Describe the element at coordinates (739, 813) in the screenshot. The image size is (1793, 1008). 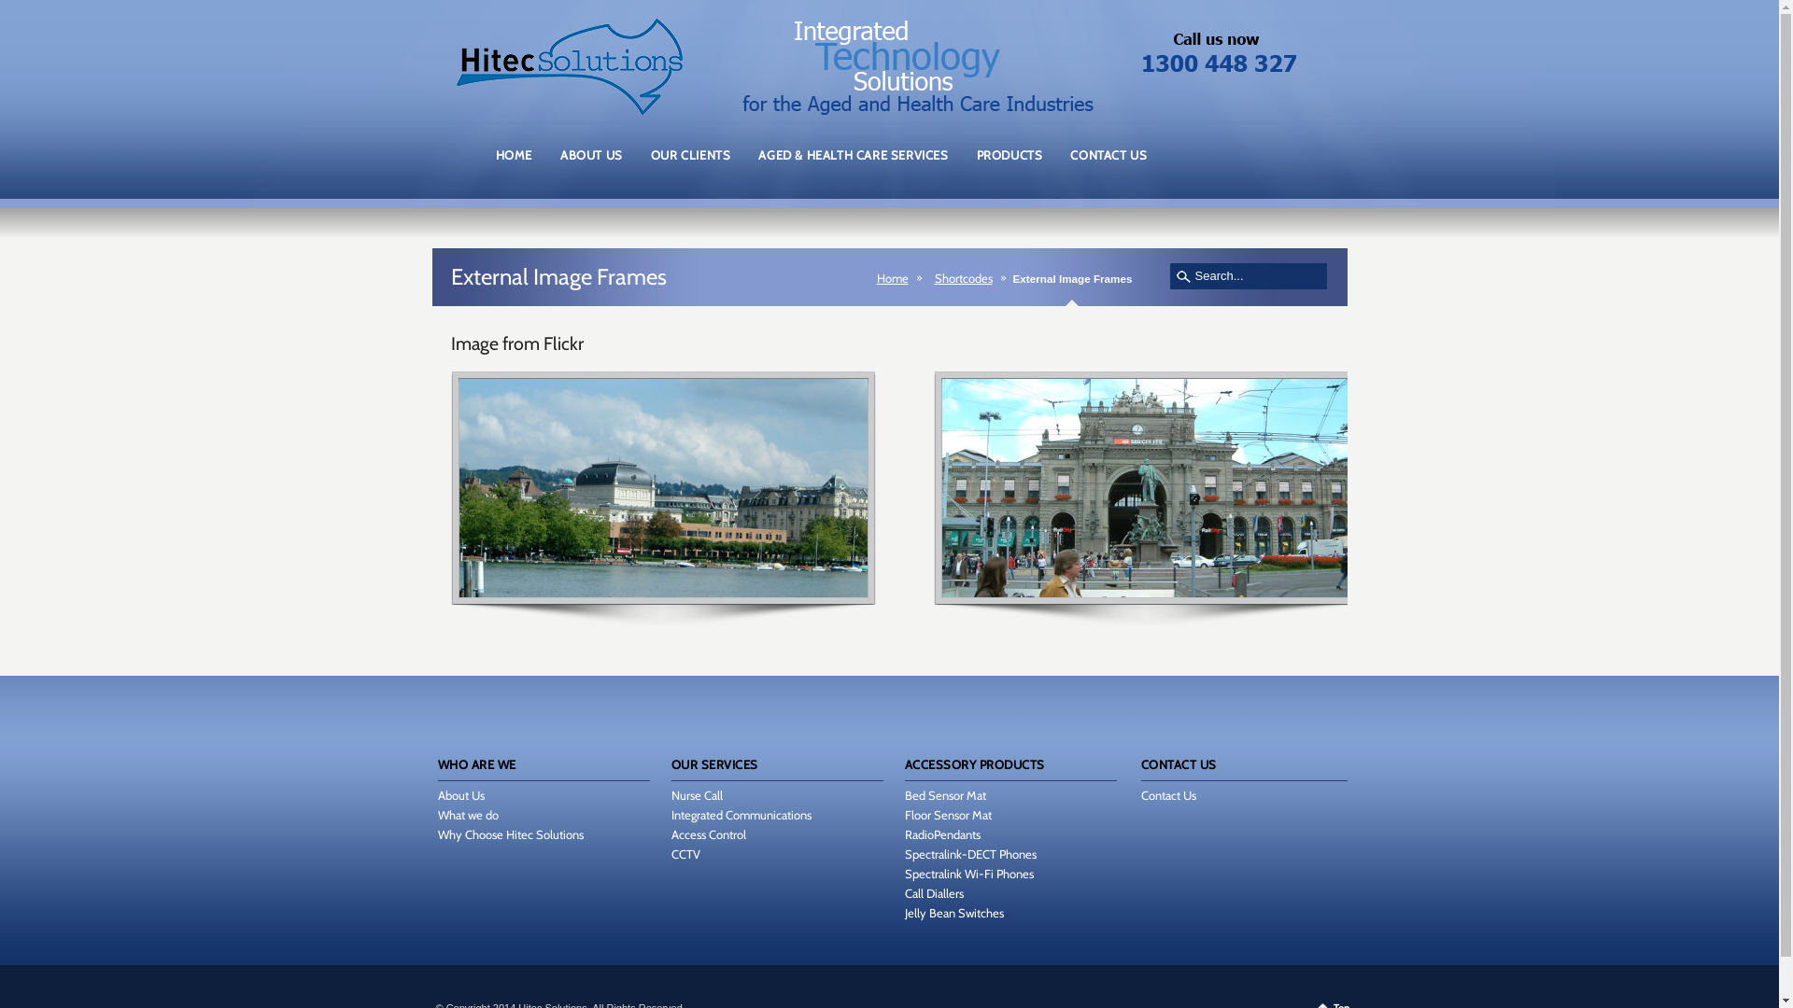
I see `'Integrated Communications'` at that location.